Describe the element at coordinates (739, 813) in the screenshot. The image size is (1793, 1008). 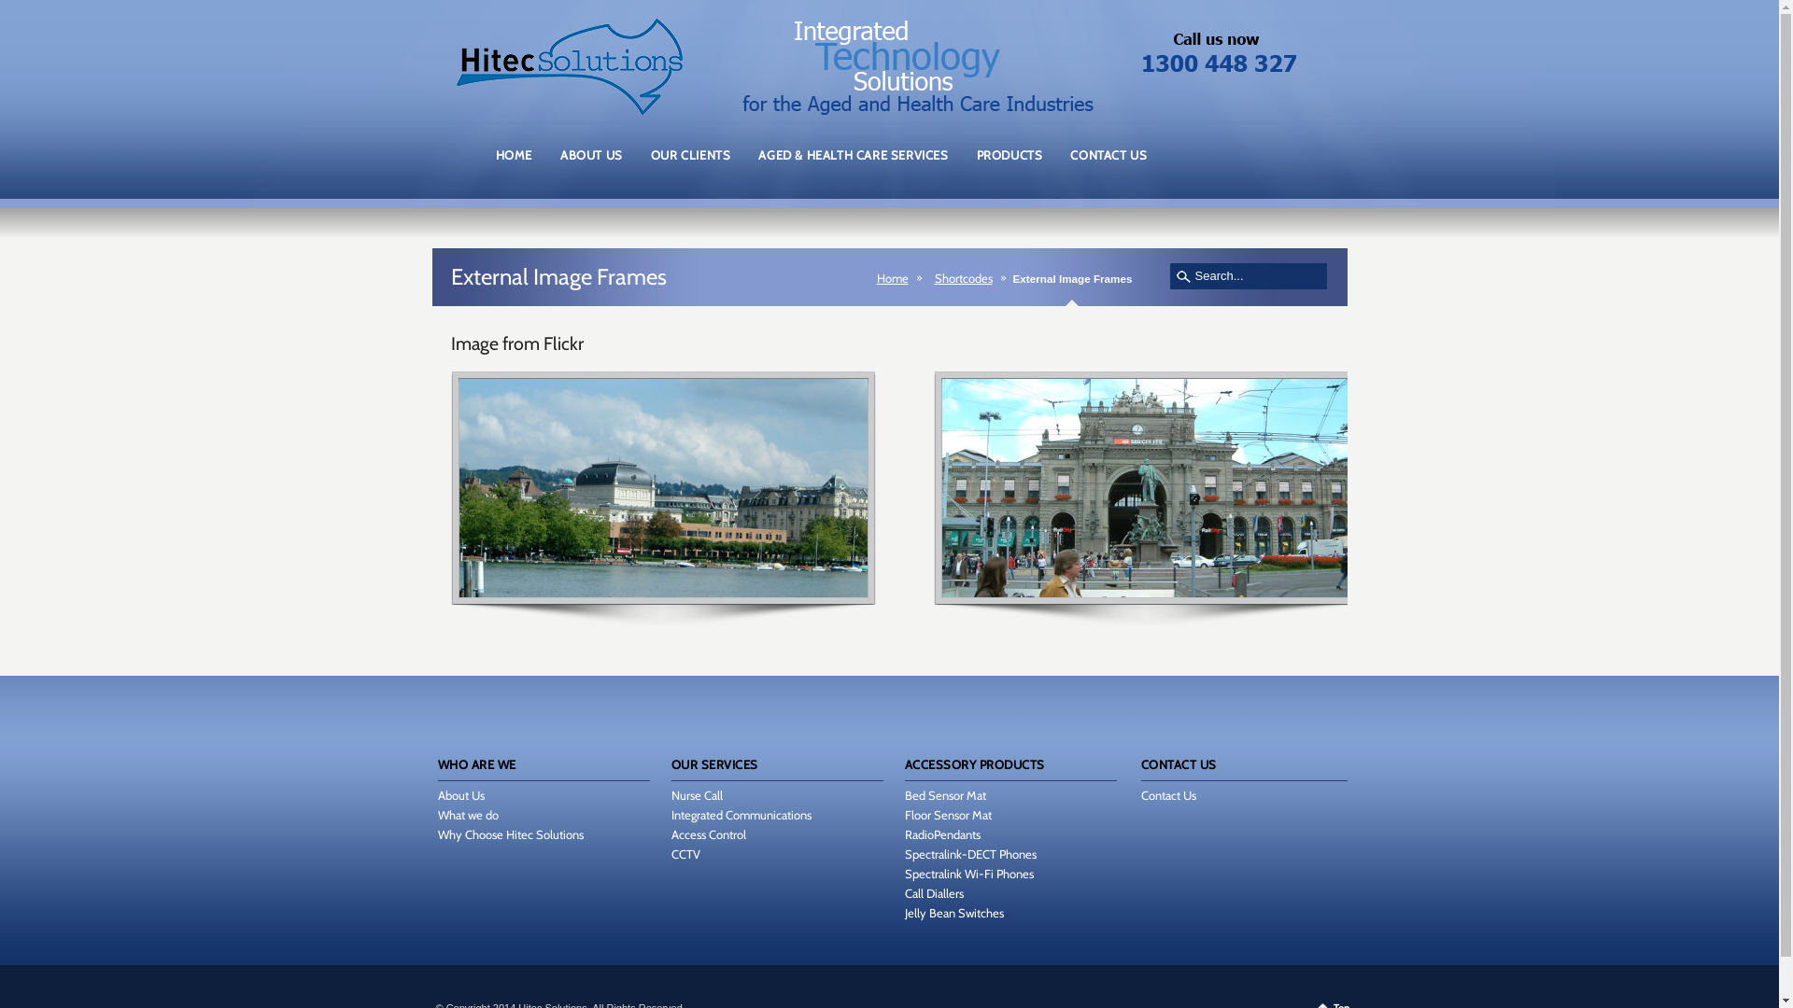
I see `'Integrated Communications'` at that location.